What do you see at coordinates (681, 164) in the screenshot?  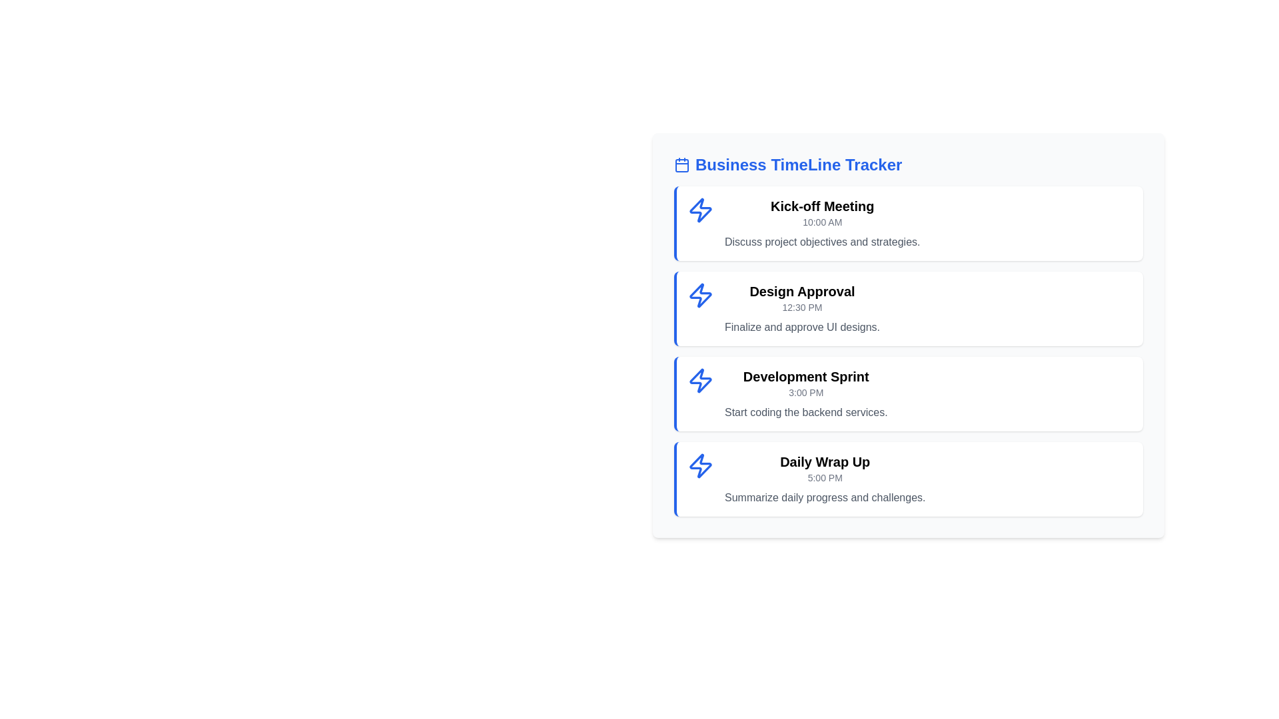 I see `the blue outlined calendar icon located next to the bold blue text 'Business TimeLine Tracker' at the top-left corner of the content area` at bounding box center [681, 164].